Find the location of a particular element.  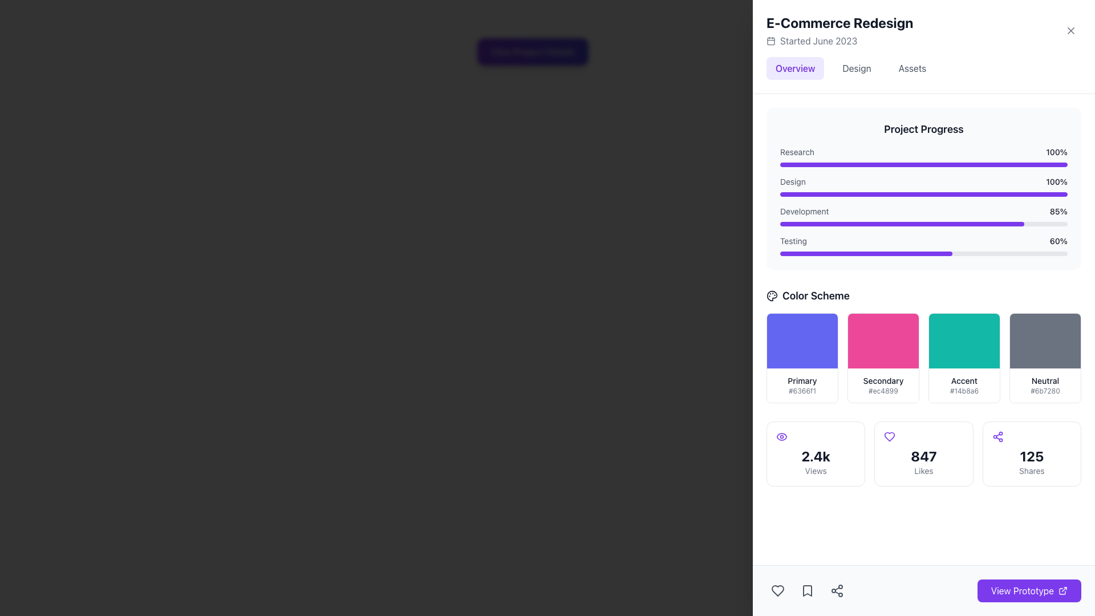

the vibrant pink rectangular block, which is the second element in the horizontal series under the 'Color Scheme' section is located at coordinates (883, 340).